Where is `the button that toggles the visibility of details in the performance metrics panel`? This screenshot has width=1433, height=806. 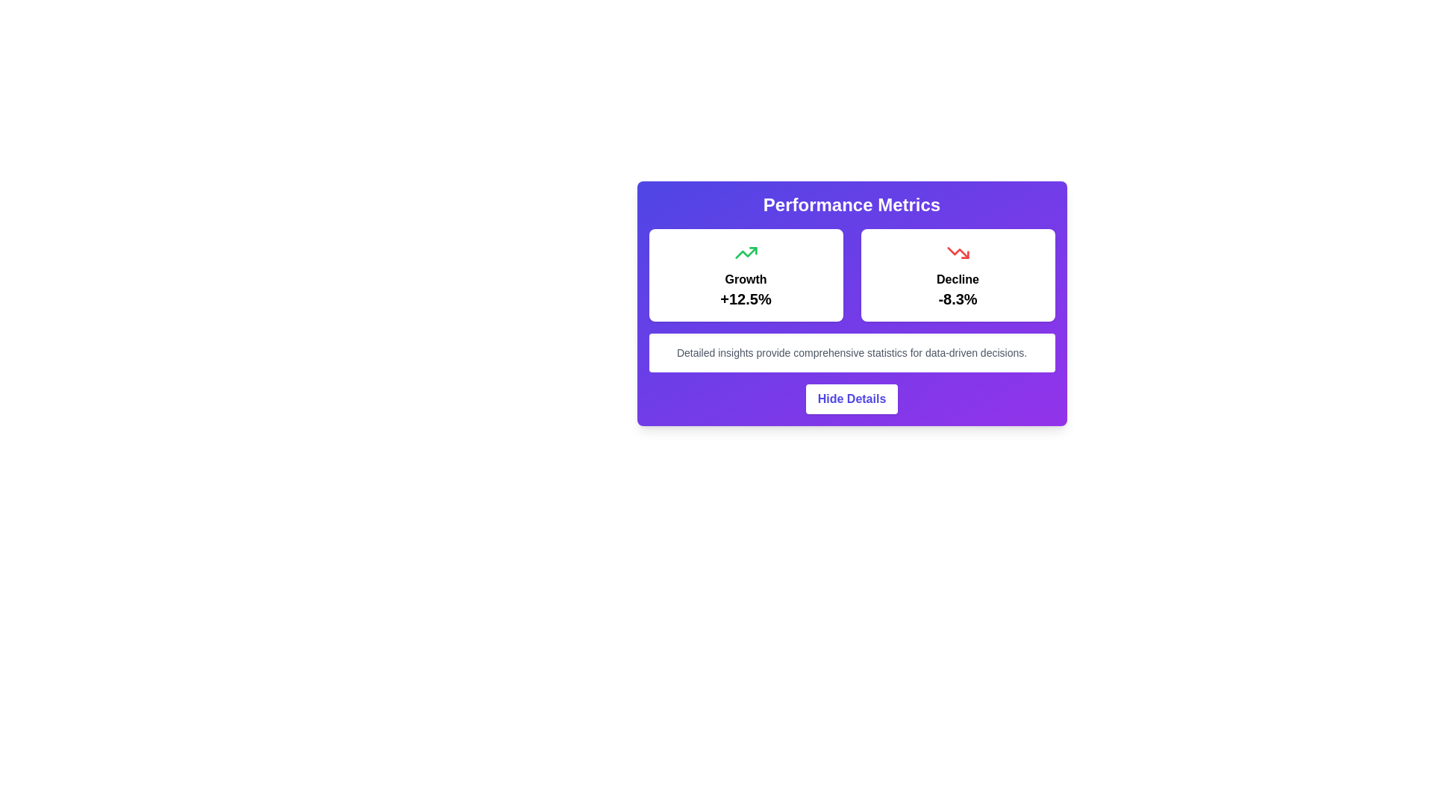 the button that toggles the visibility of details in the performance metrics panel is located at coordinates (852, 399).